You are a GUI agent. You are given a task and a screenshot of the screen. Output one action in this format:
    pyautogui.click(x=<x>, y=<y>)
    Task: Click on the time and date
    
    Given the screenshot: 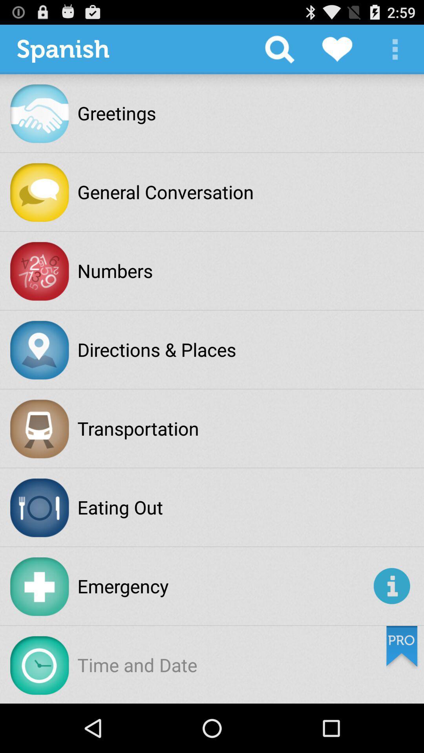 What is the action you would take?
    pyautogui.click(x=137, y=664)
    